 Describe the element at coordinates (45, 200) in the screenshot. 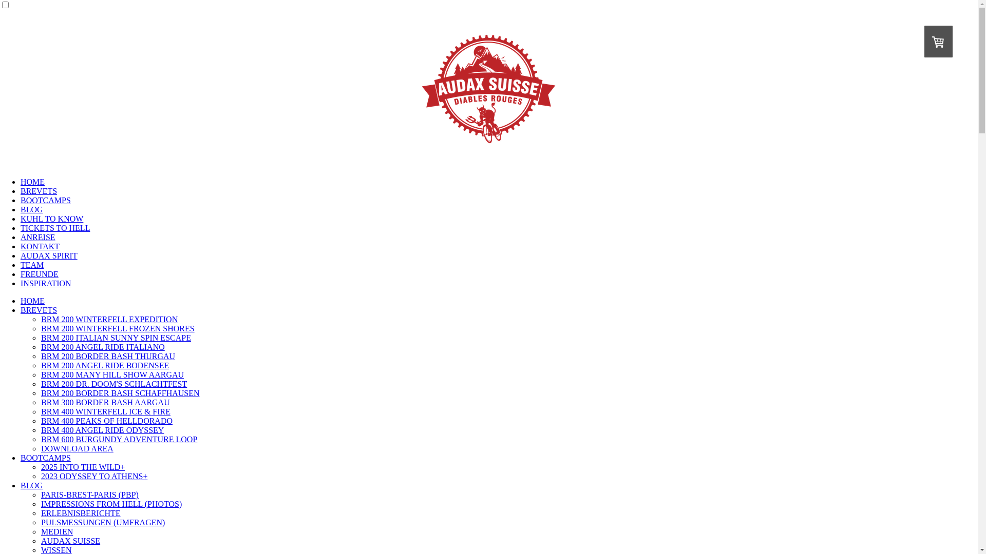

I see `'BOOTCAMPS'` at that location.